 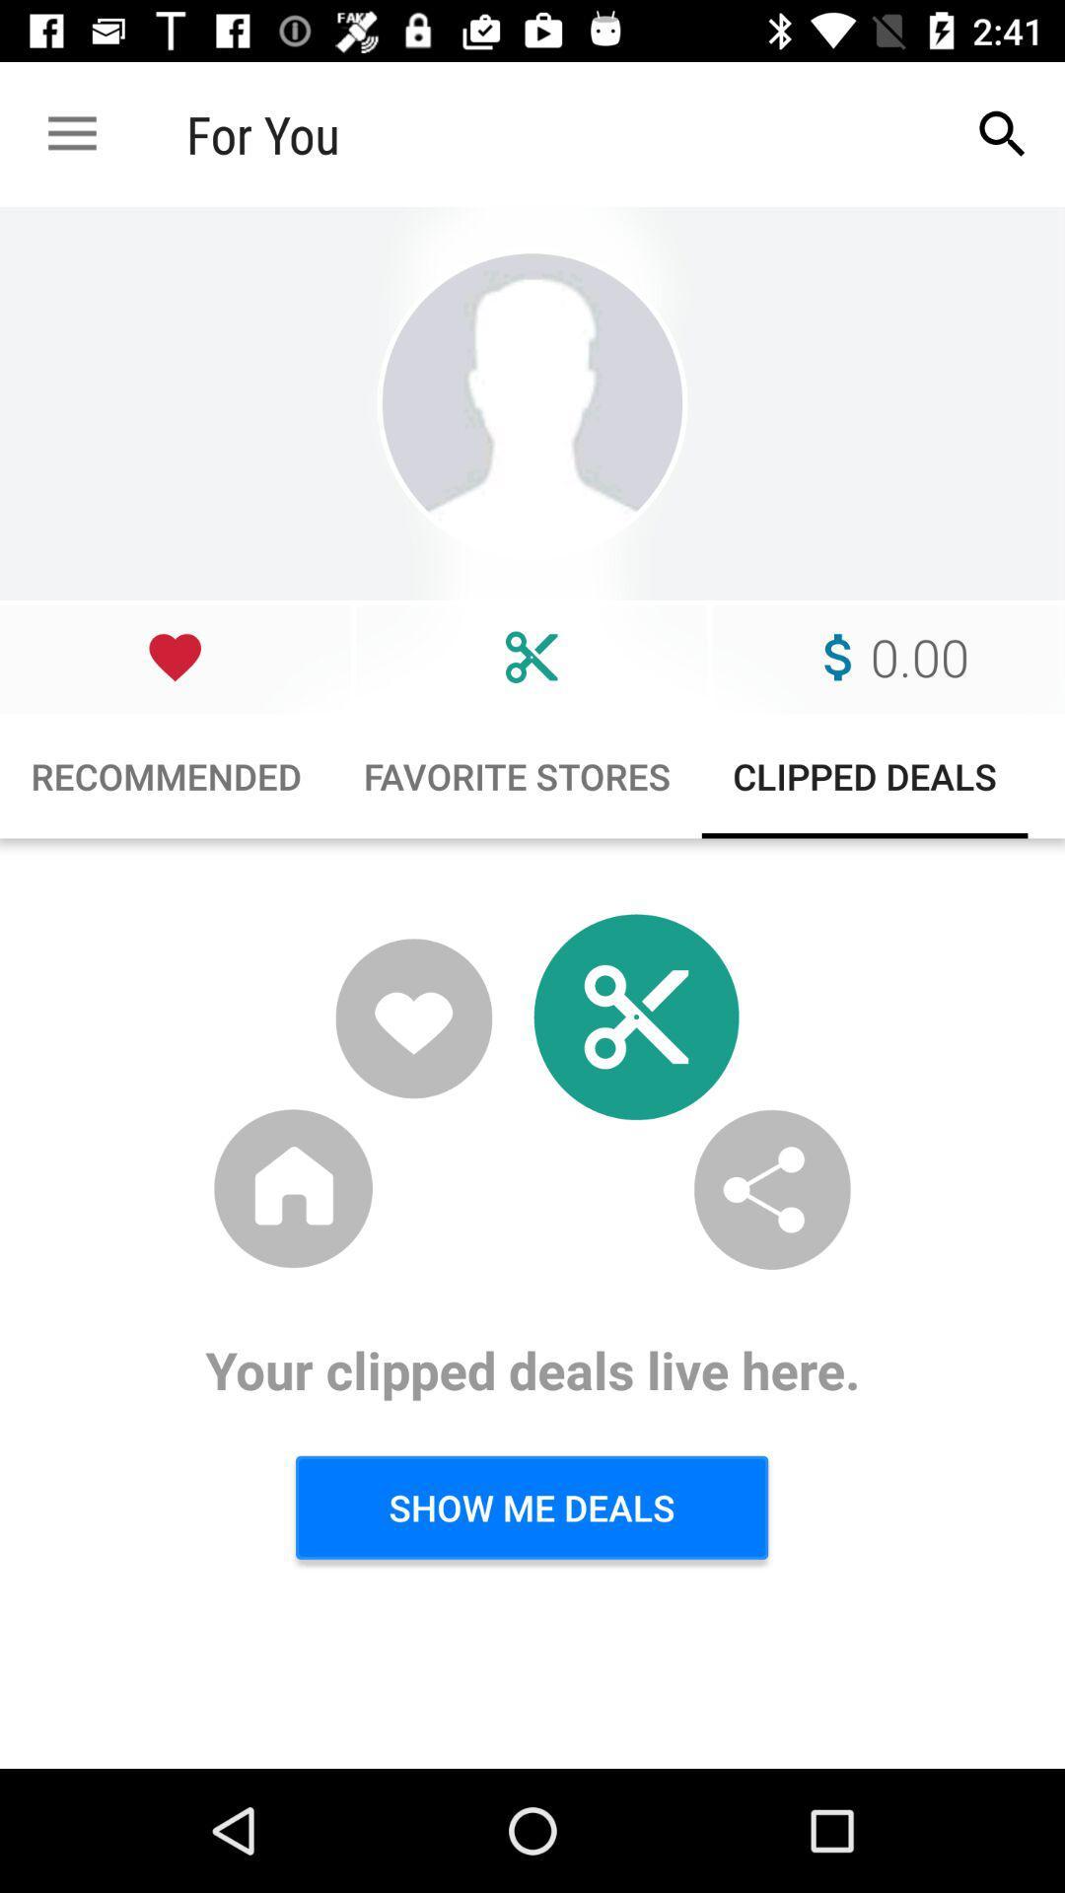 I want to click on display profile picture, so click(x=532, y=402).